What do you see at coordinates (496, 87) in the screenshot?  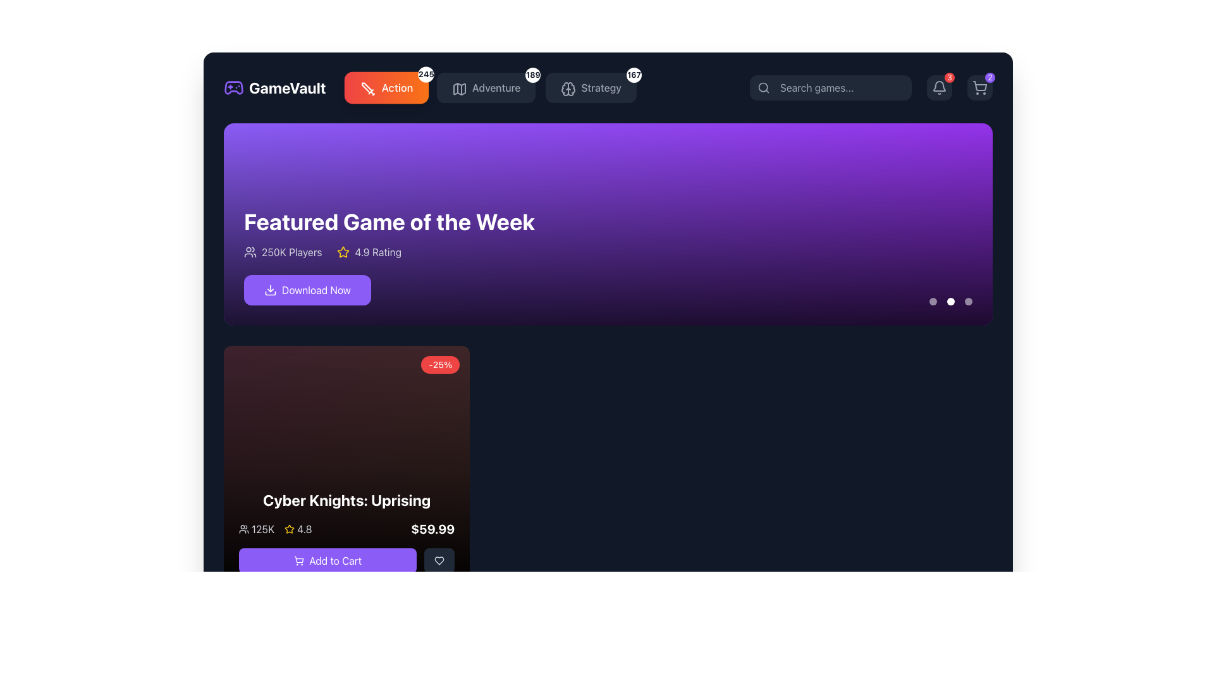 I see `the 'Adventure' Text Label located in the horizontal menu bar, positioned to the right of a map-like icon` at bounding box center [496, 87].